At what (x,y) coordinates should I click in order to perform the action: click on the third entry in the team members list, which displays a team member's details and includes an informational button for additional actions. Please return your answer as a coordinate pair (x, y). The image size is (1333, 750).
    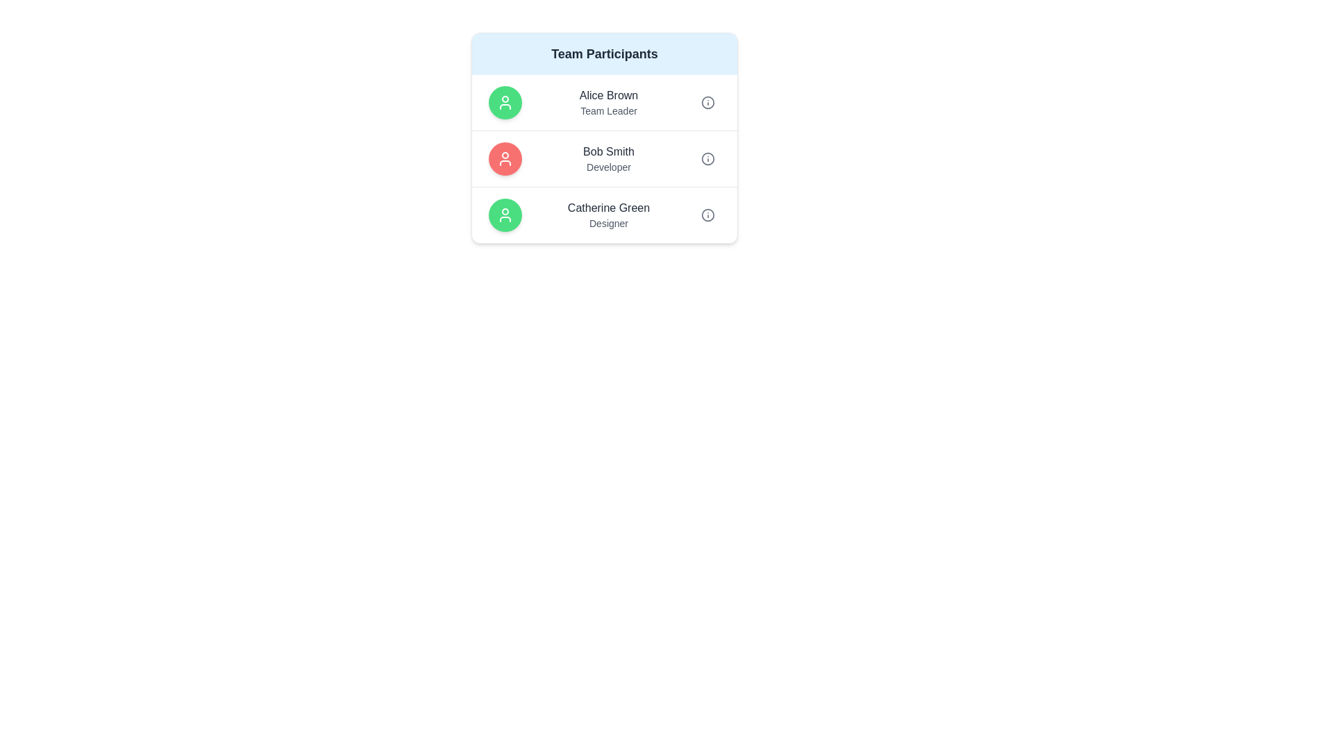
    Looking at the image, I should click on (604, 214).